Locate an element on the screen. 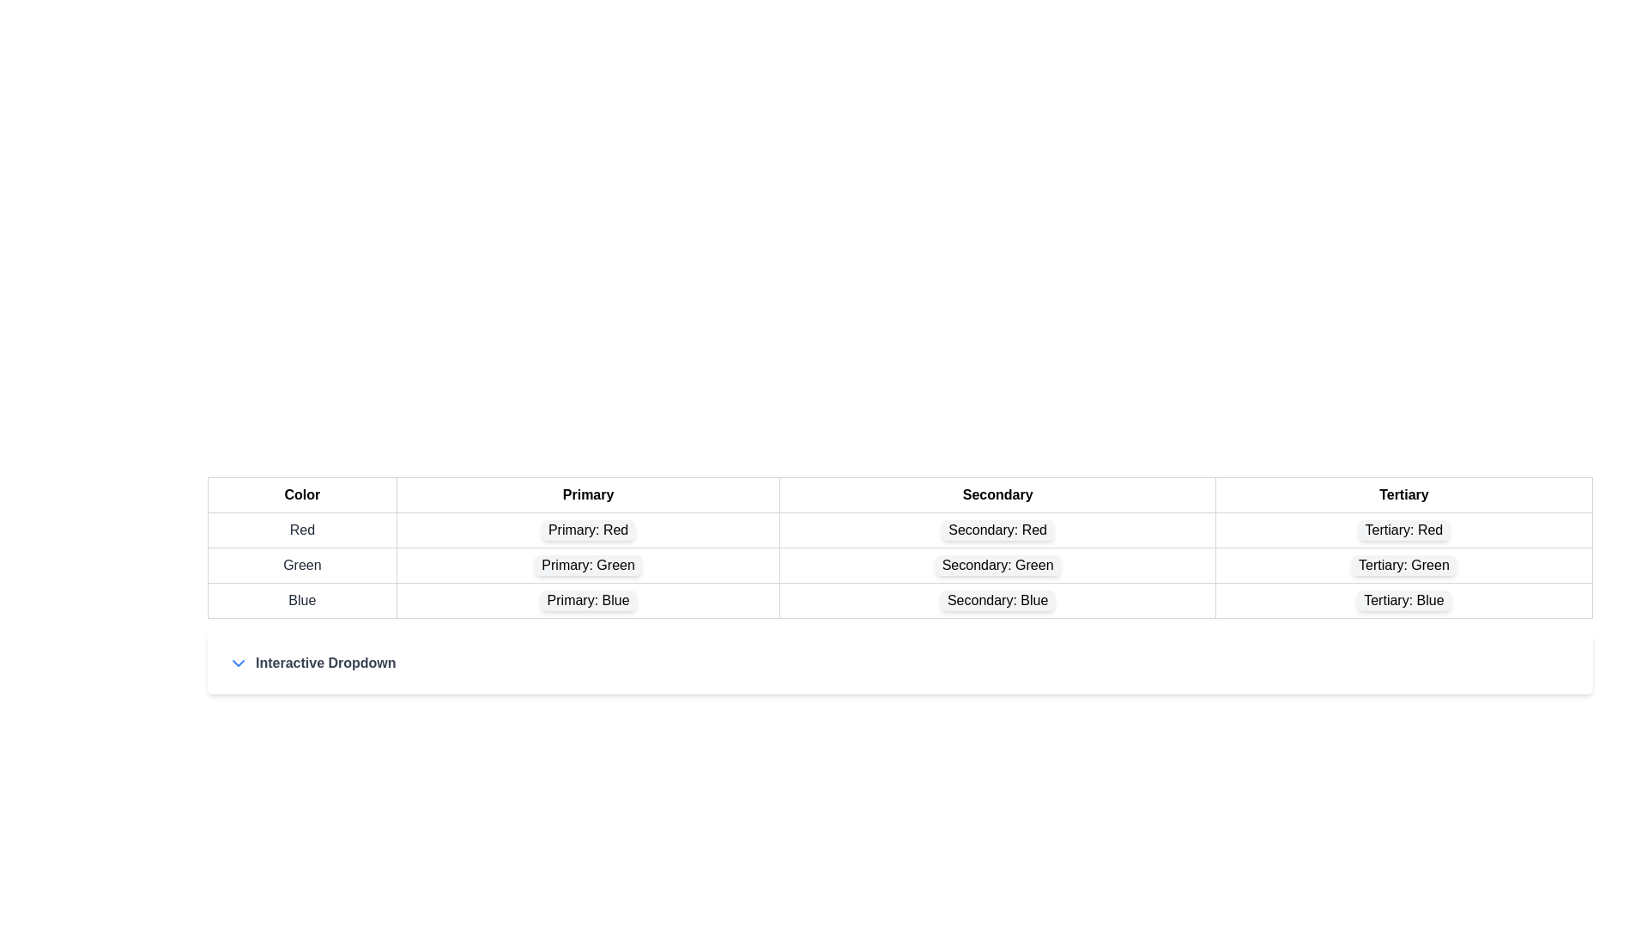  the text label displaying the primary color associated with the 'Red' category in the table, located in the 'Primary' column and aligned with the 'Red' row is located at coordinates (588, 529).